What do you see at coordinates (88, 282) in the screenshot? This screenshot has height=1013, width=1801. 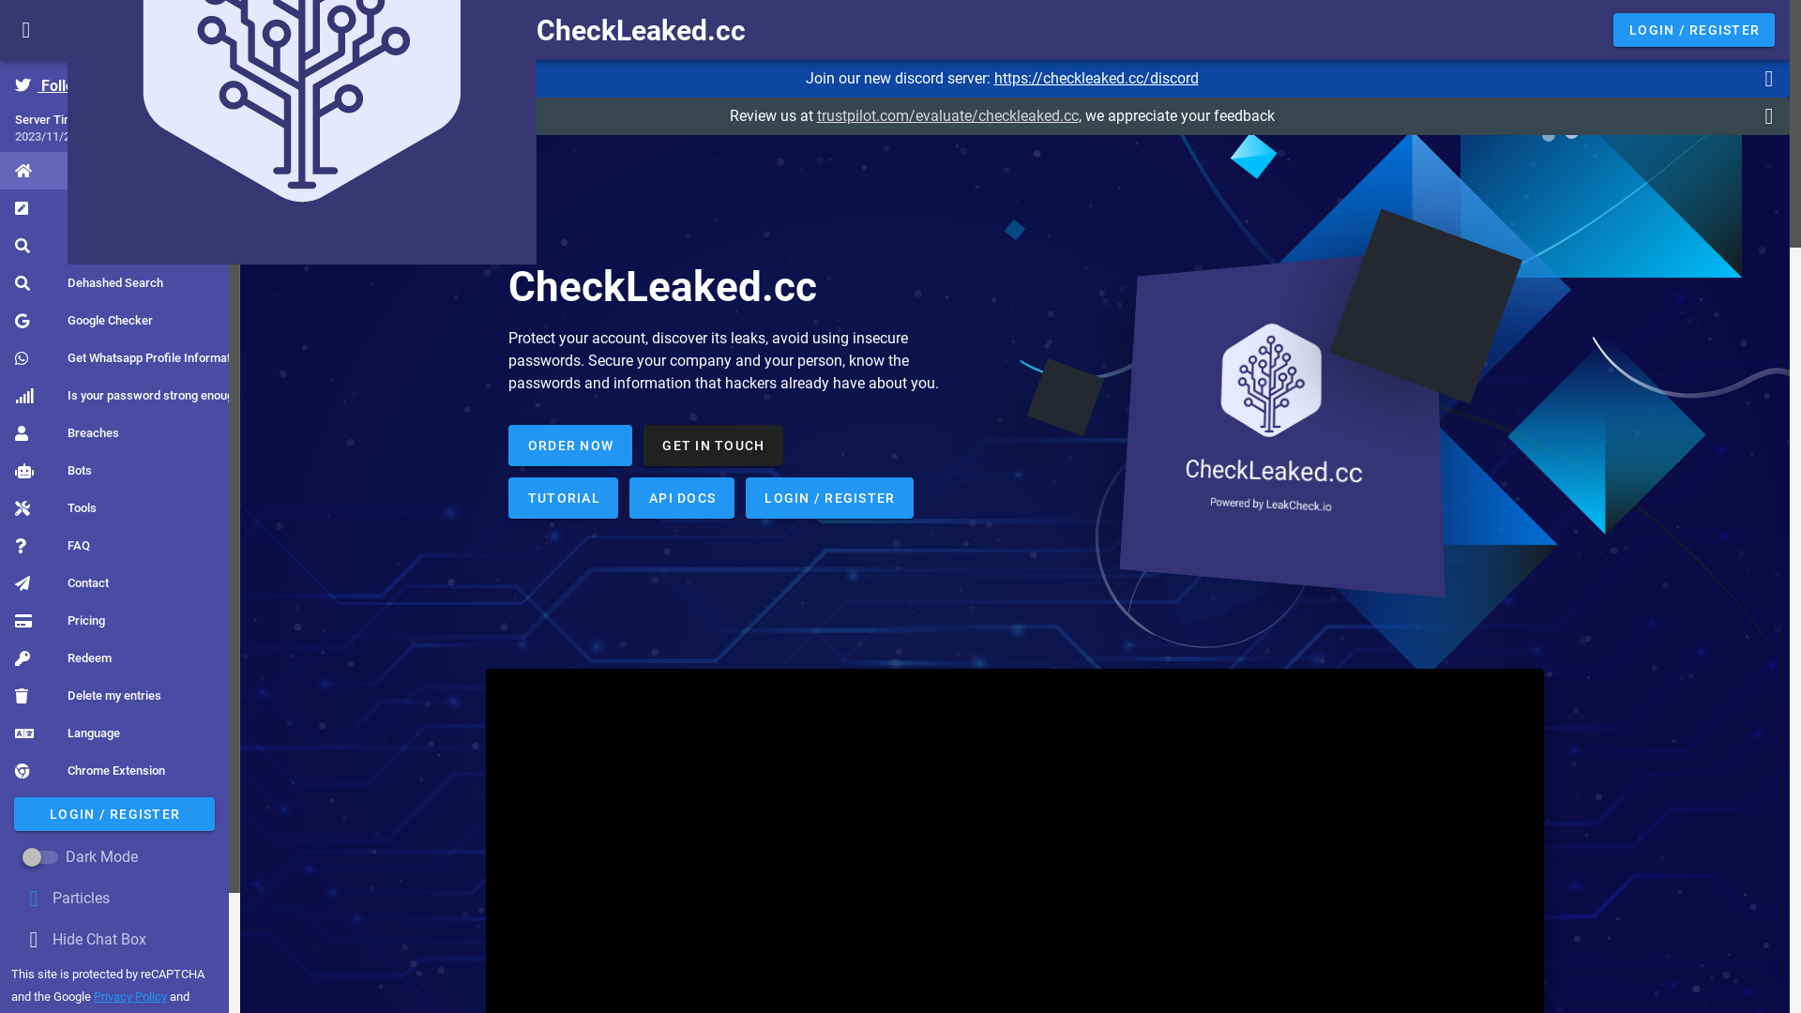 I see `'Dehashed Search'` at bounding box center [88, 282].